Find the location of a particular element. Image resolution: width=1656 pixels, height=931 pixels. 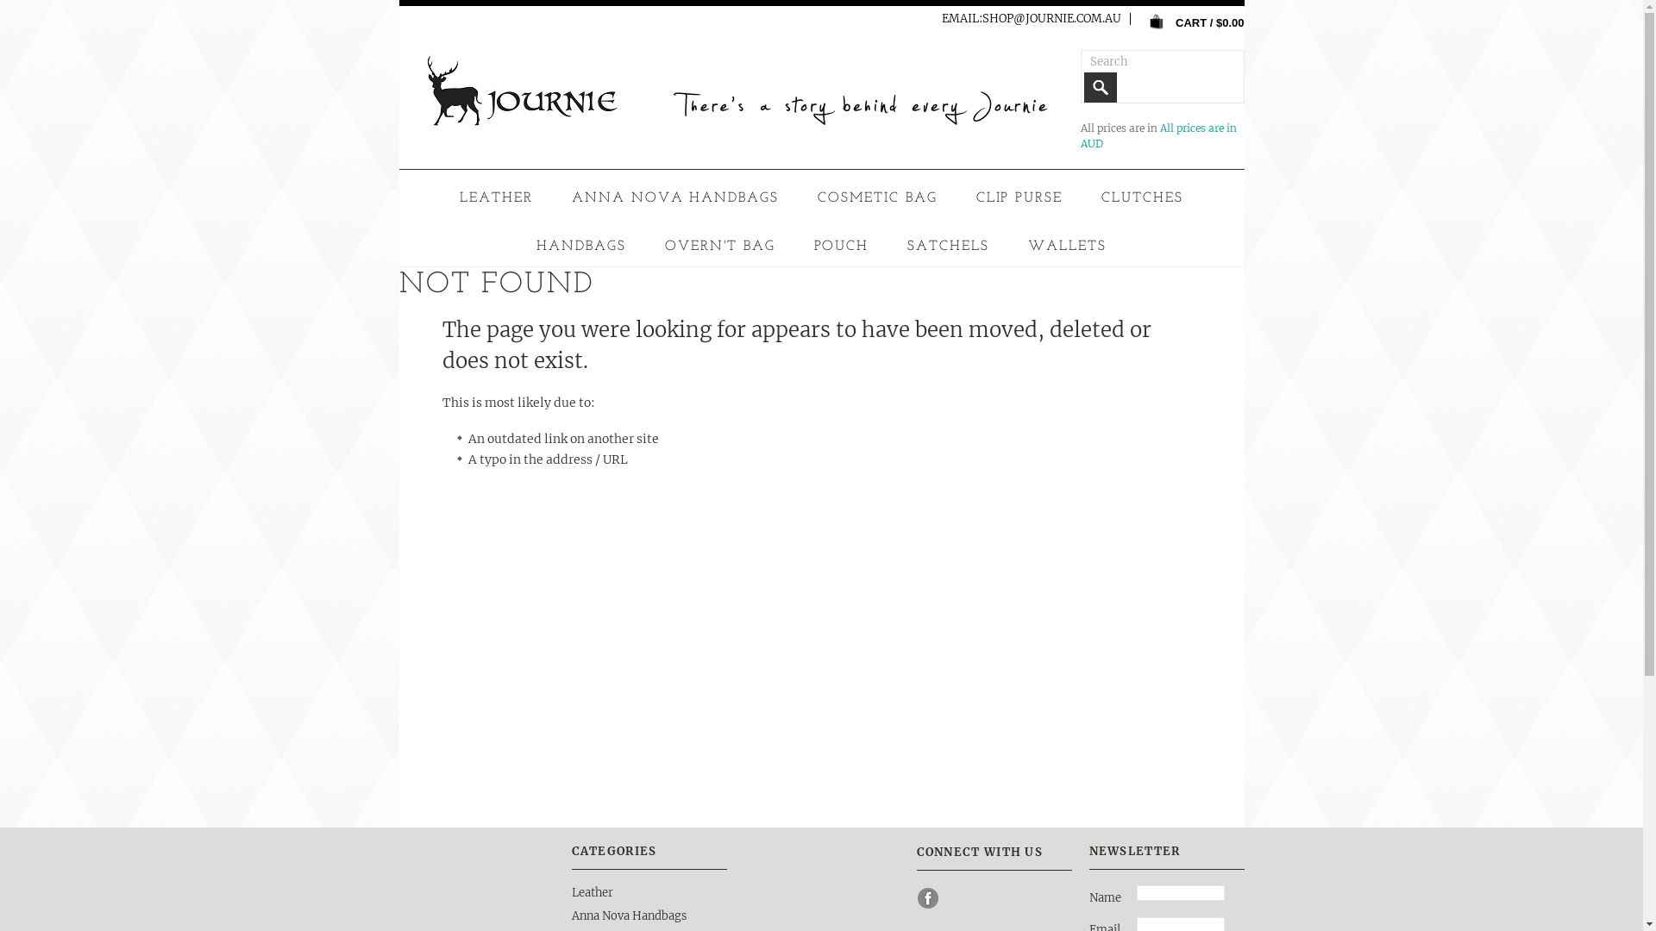

'Instagram' is located at coordinates (956, 897).